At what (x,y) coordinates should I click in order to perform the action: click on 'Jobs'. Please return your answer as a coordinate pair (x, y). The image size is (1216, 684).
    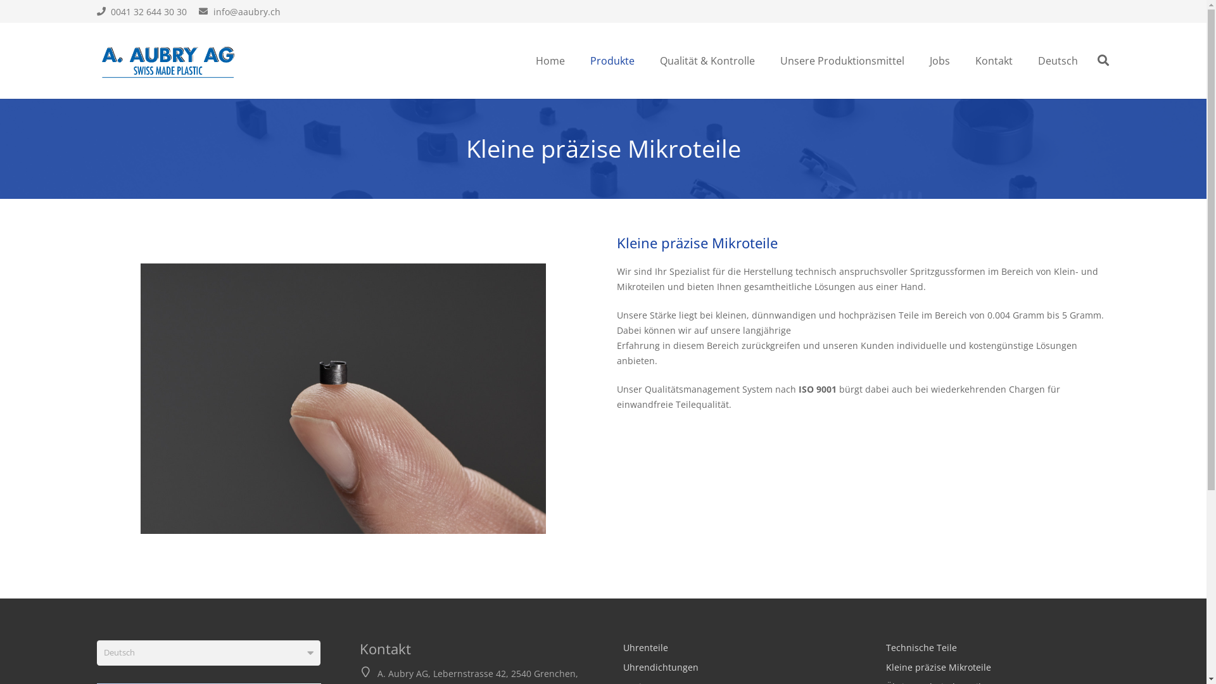
    Looking at the image, I should click on (917, 61).